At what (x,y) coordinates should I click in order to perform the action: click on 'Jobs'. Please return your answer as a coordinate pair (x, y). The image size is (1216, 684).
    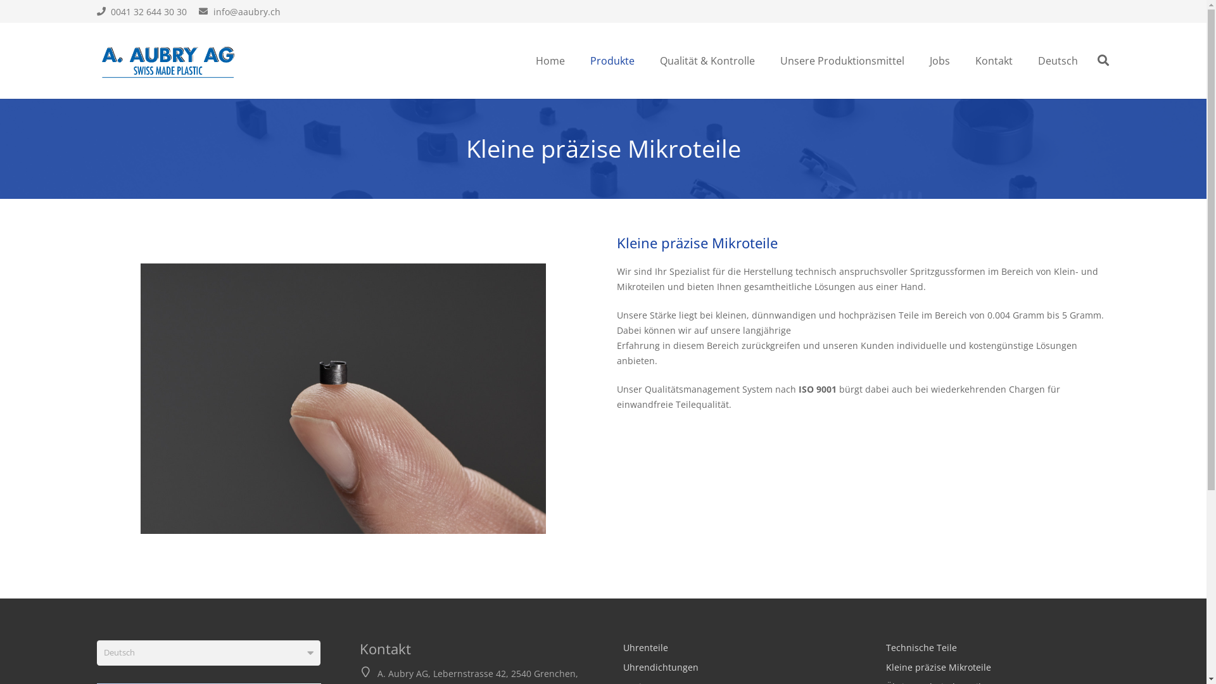
    Looking at the image, I should click on (917, 61).